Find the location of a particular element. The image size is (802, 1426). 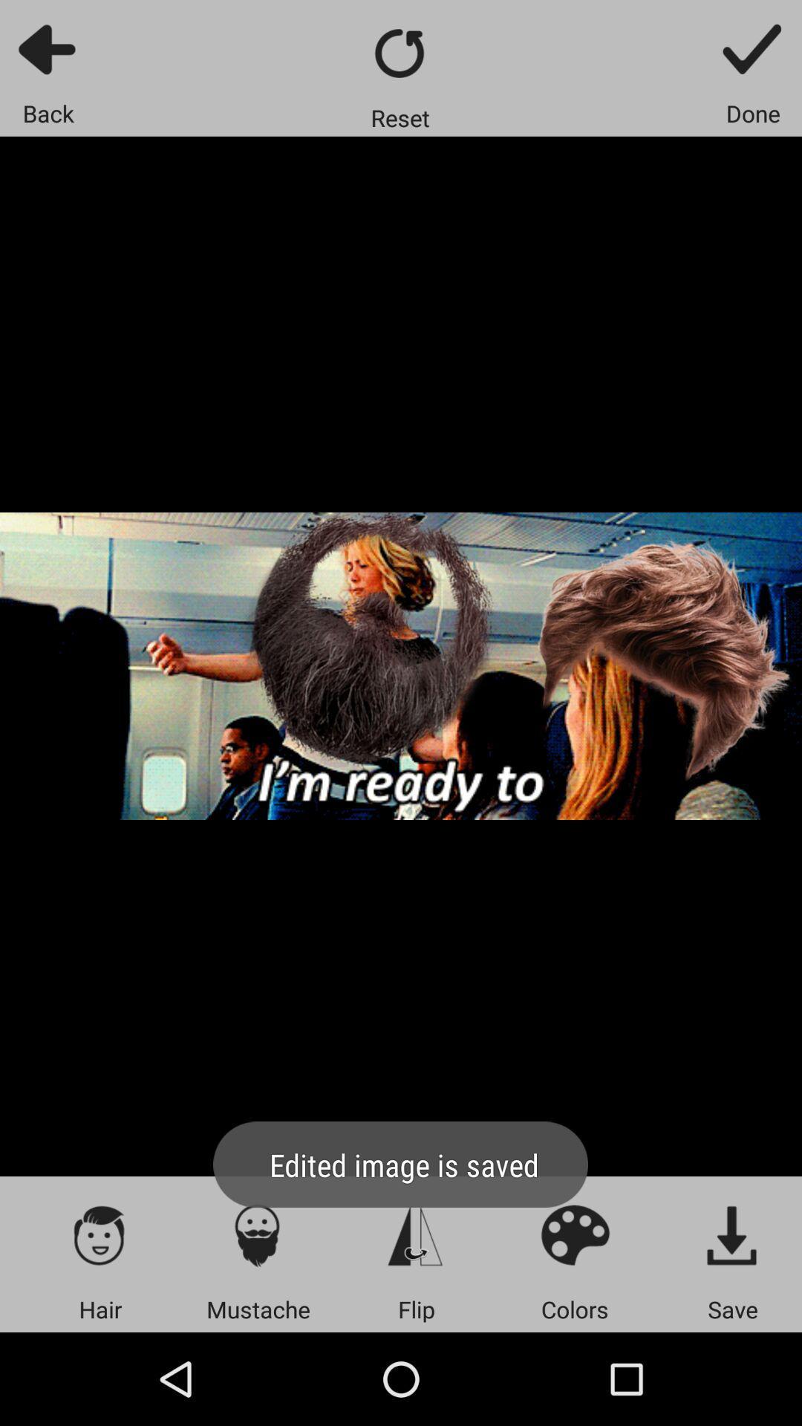

the download is located at coordinates (732, 1234).